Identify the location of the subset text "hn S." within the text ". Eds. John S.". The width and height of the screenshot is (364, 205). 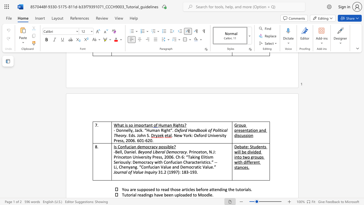
(141, 135).